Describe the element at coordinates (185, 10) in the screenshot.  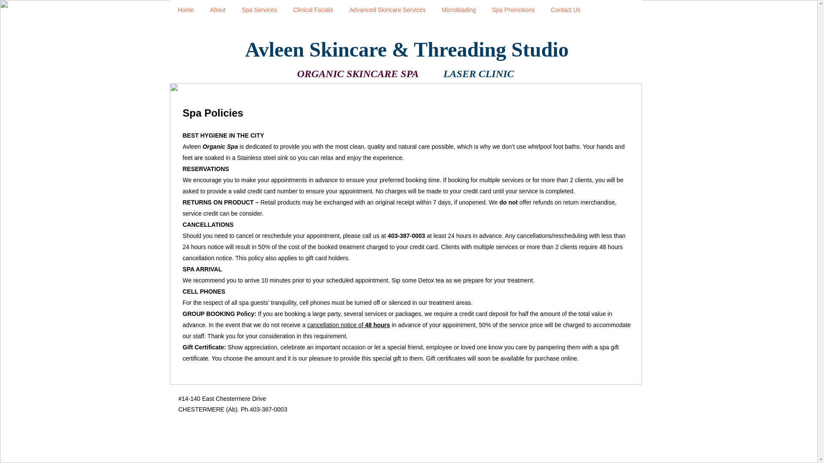
I see `'Home'` at that location.